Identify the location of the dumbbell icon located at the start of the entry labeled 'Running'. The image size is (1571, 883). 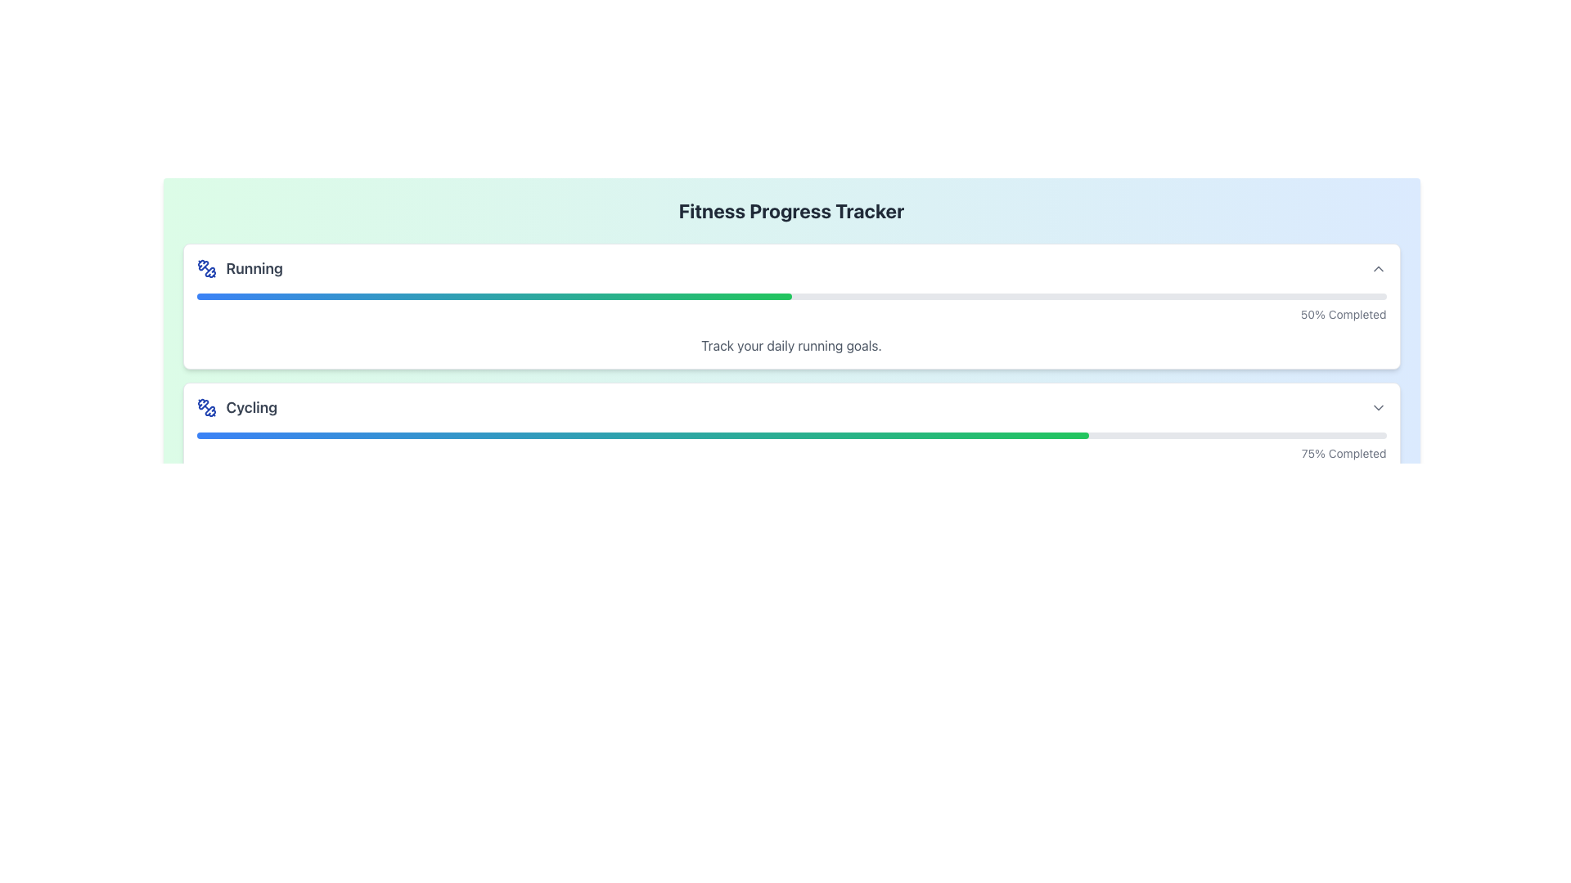
(205, 267).